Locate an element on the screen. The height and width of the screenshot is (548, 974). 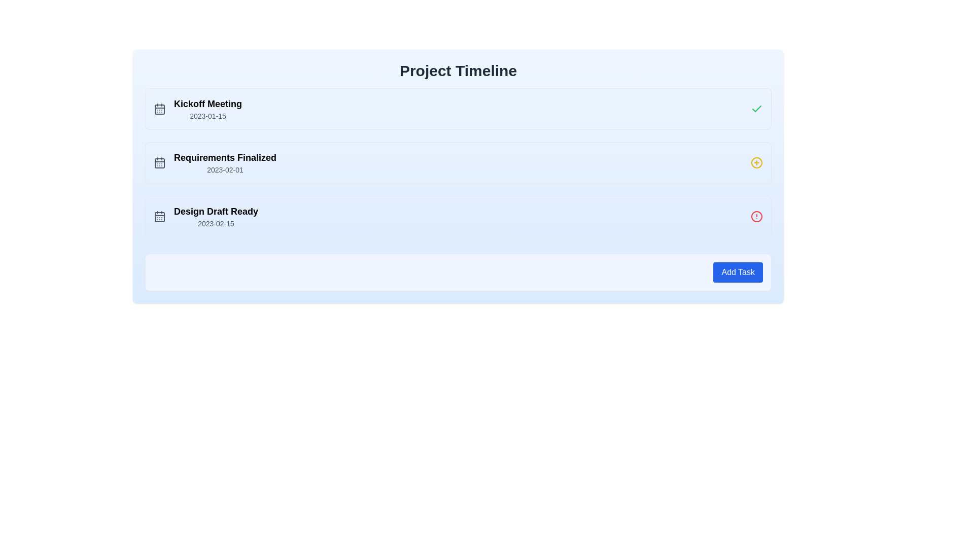
the calendar icon that indicates the date associated with the 'Design Draft Ready' task, which is located at the leftmost edge of its row is located at coordinates (159, 216).